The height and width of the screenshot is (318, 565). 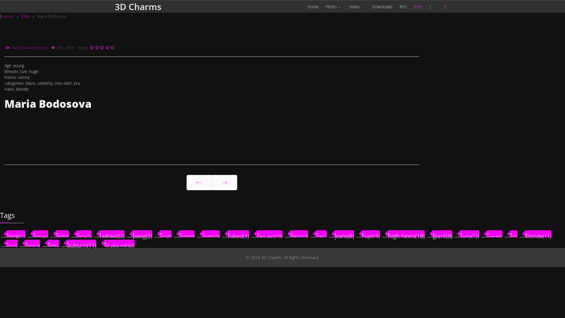 What do you see at coordinates (62, 233) in the screenshot?
I see `'spandex(9)'` at bounding box center [62, 233].